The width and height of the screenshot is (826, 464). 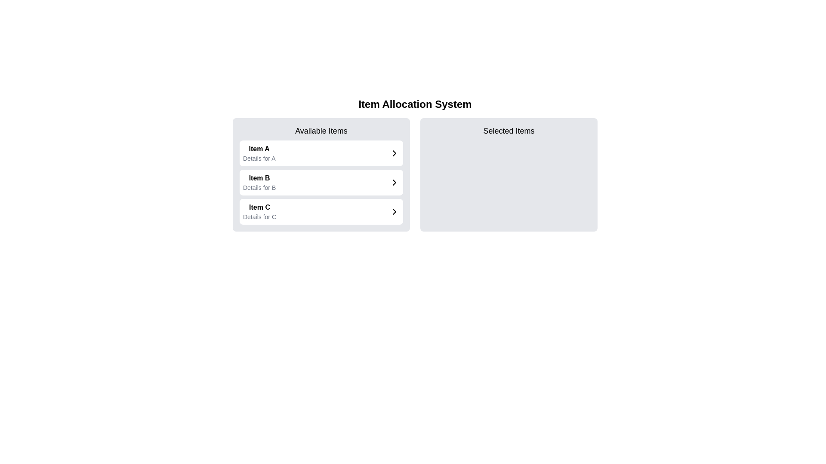 I want to click on the Chevron Icon Button located at the far right of the 'Item A' row under the 'Available Items' column, so click(x=394, y=153).